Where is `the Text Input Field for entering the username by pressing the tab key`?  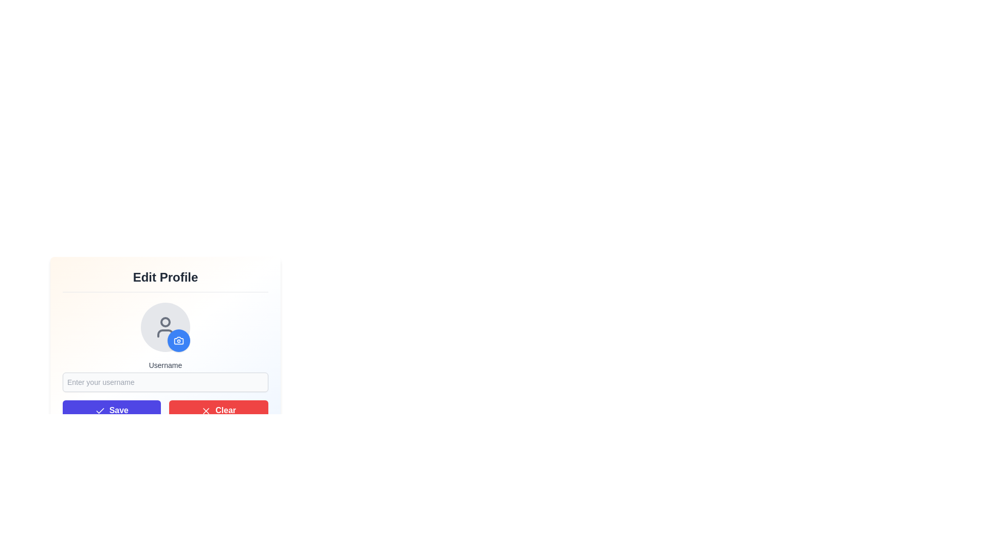
the Text Input Field for entering the username by pressing the tab key is located at coordinates (165, 382).